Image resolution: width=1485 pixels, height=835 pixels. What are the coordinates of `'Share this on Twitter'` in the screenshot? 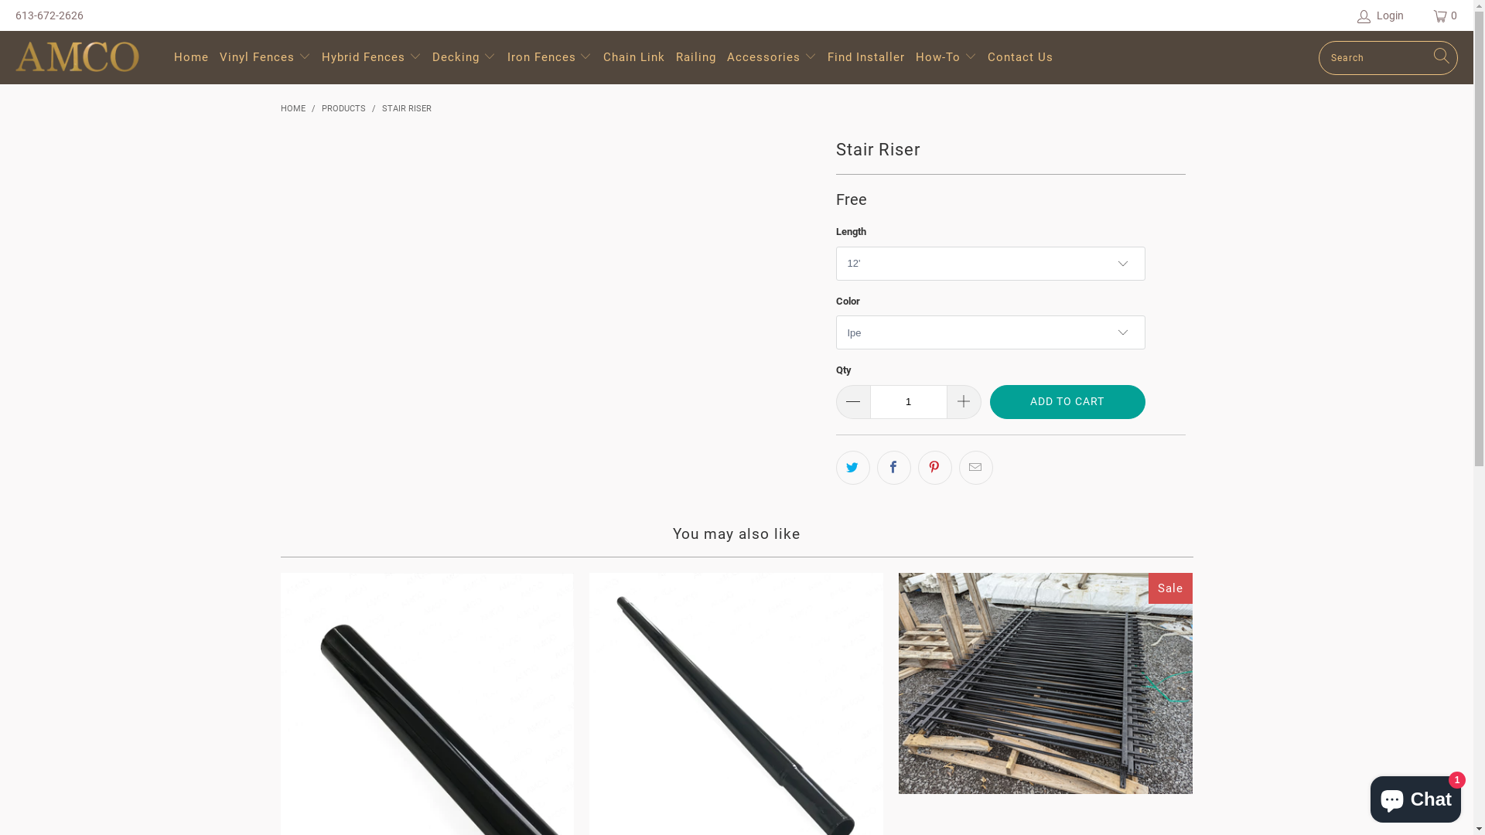 It's located at (852, 466).